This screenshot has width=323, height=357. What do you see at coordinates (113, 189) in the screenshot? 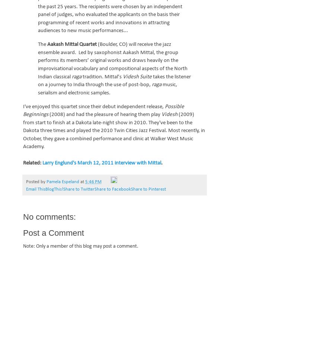
I see `'Share to Facebook'` at bounding box center [113, 189].